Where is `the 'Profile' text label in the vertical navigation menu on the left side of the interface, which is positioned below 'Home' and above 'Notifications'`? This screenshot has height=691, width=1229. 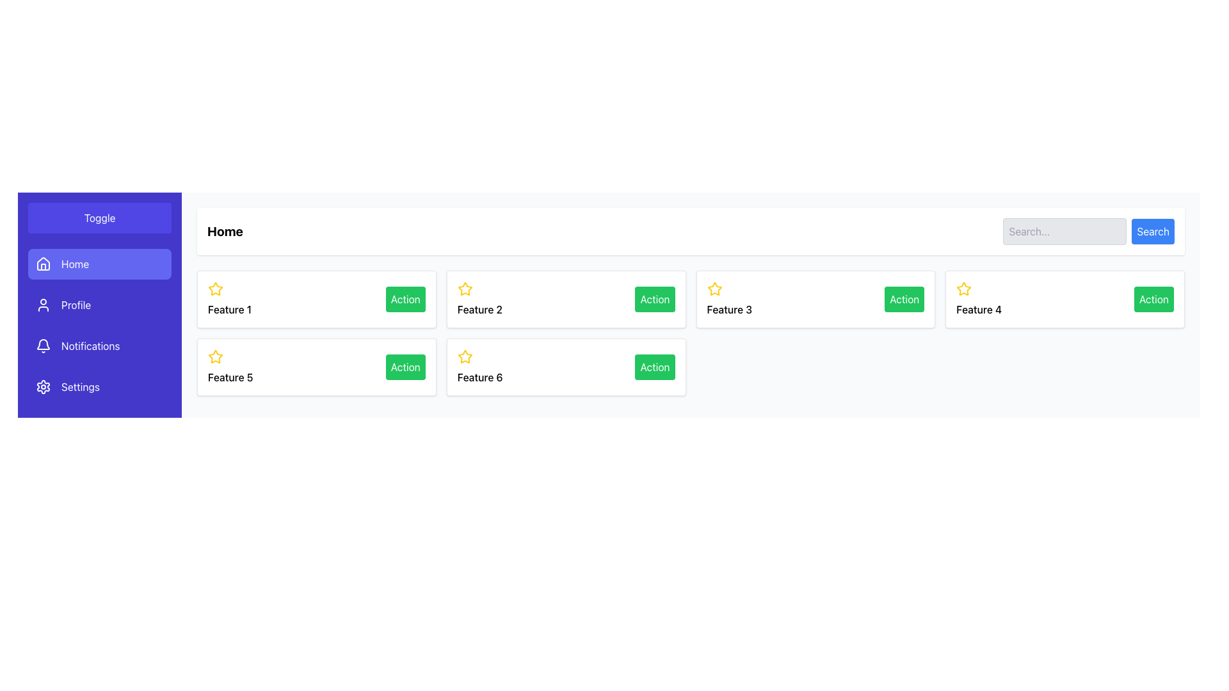 the 'Profile' text label in the vertical navigation menu on the left side of the interface, which is positioned below 'Home' and above 'Notifications' is located at coordinates (76, 305).